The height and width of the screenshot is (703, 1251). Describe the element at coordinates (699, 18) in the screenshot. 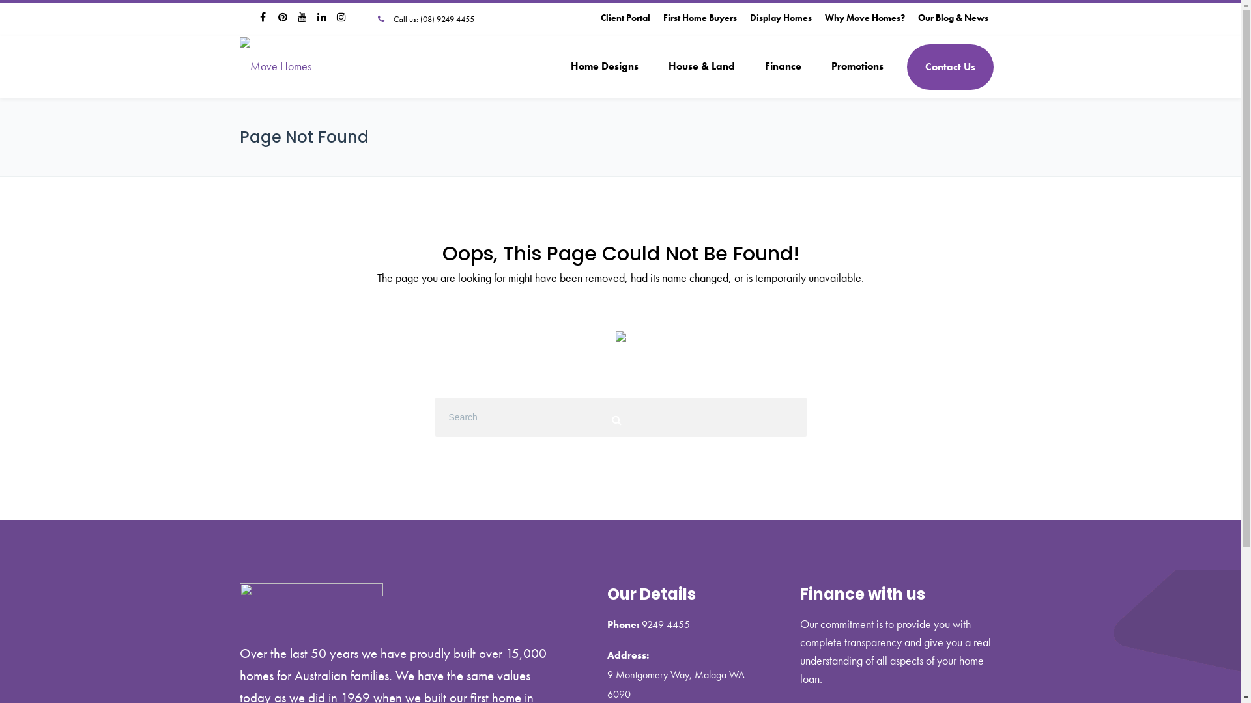

I see `'First Home Buyers'` at that location.